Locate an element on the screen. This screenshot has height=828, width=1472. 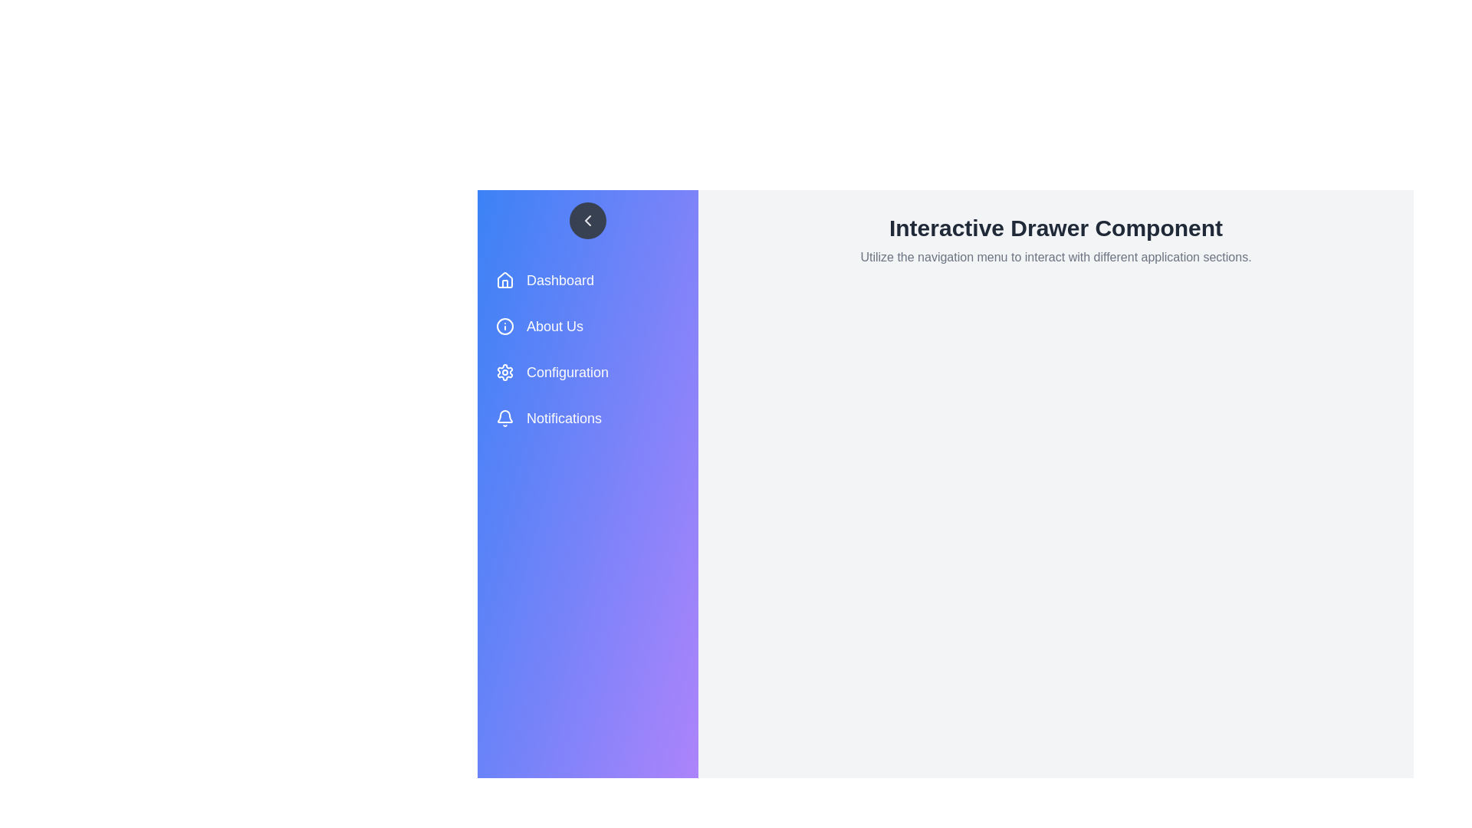
the circular button with a dark gray background and a white left-pointing chevron icon located at the top of the vertical sidebar on the left side of the interface is located at coordinates (587, 221).